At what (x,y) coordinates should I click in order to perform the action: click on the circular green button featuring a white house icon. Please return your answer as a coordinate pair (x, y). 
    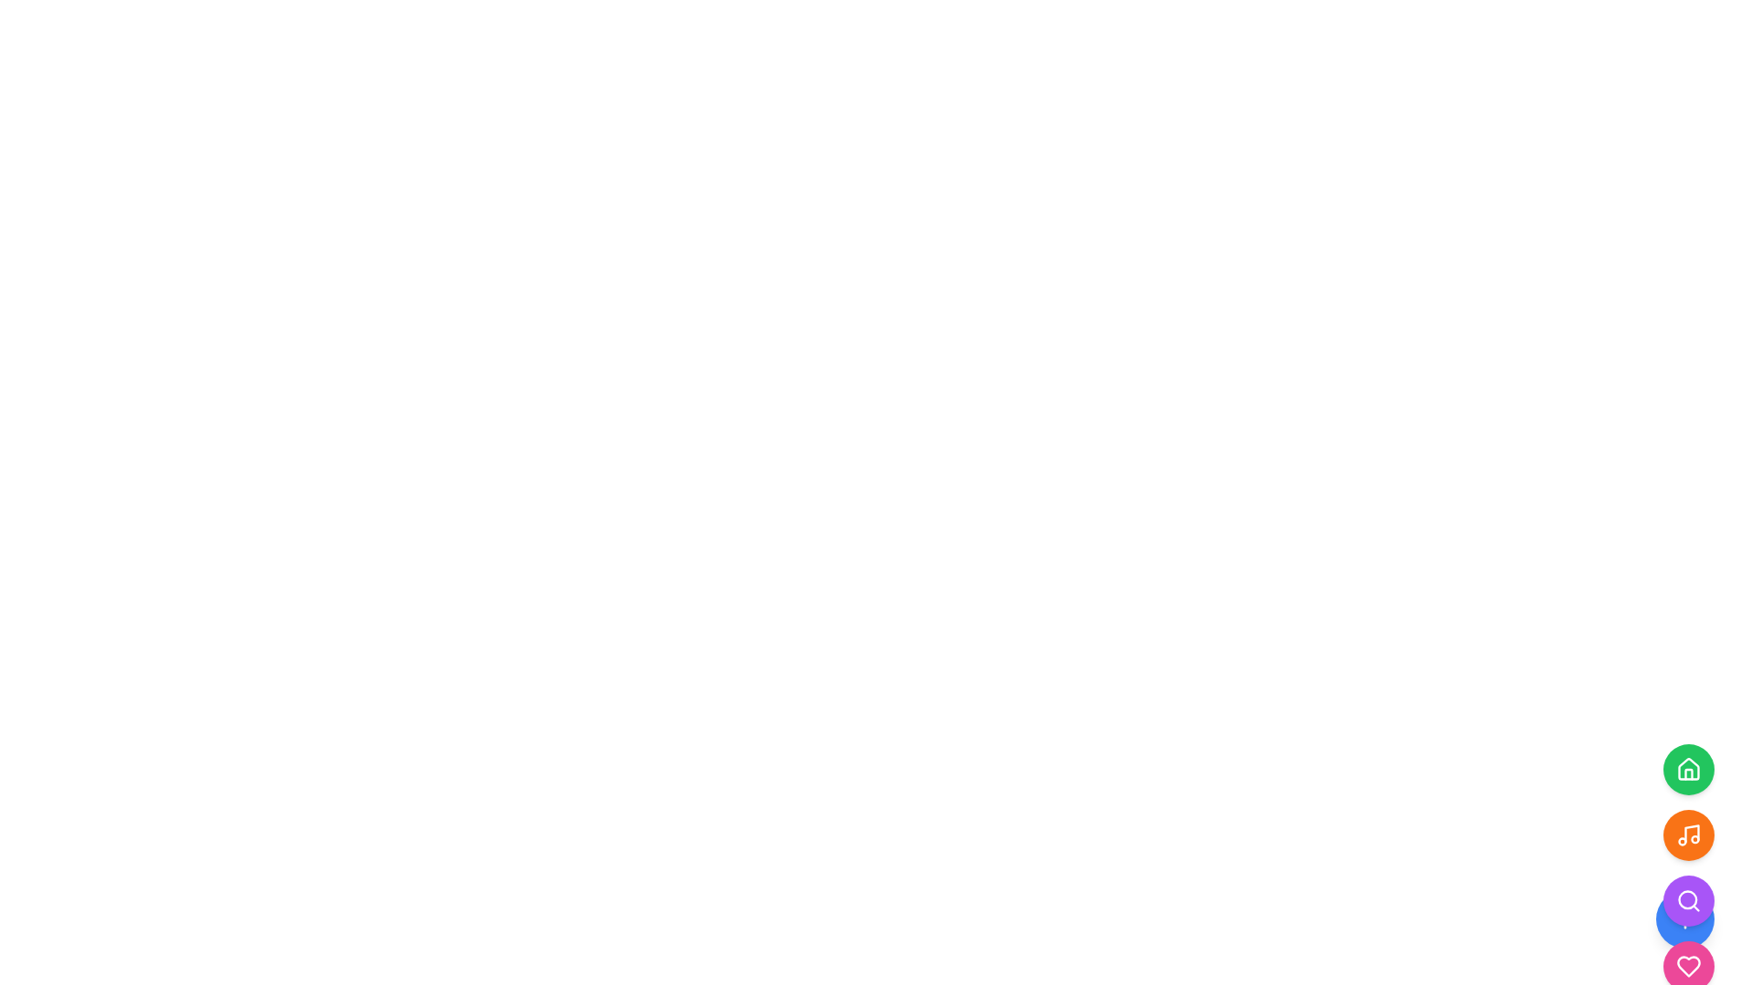
    Looking at the image, I should click on (1688, 770).